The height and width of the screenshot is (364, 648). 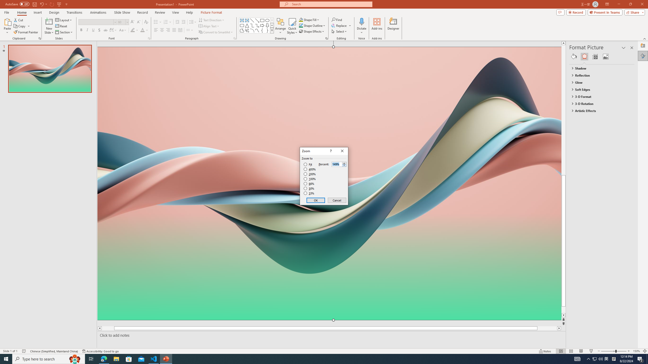 What do you see at coordinates (599, 82) in the screenshot?
I see `'Glow'` at bounding box center [599, 82].